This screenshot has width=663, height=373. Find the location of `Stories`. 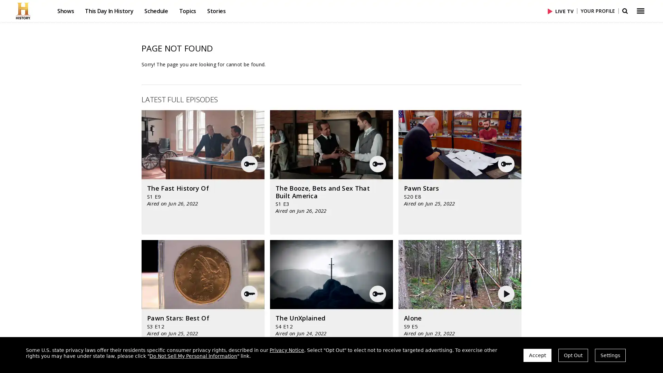

Stories is located at coordinates (215, 11).